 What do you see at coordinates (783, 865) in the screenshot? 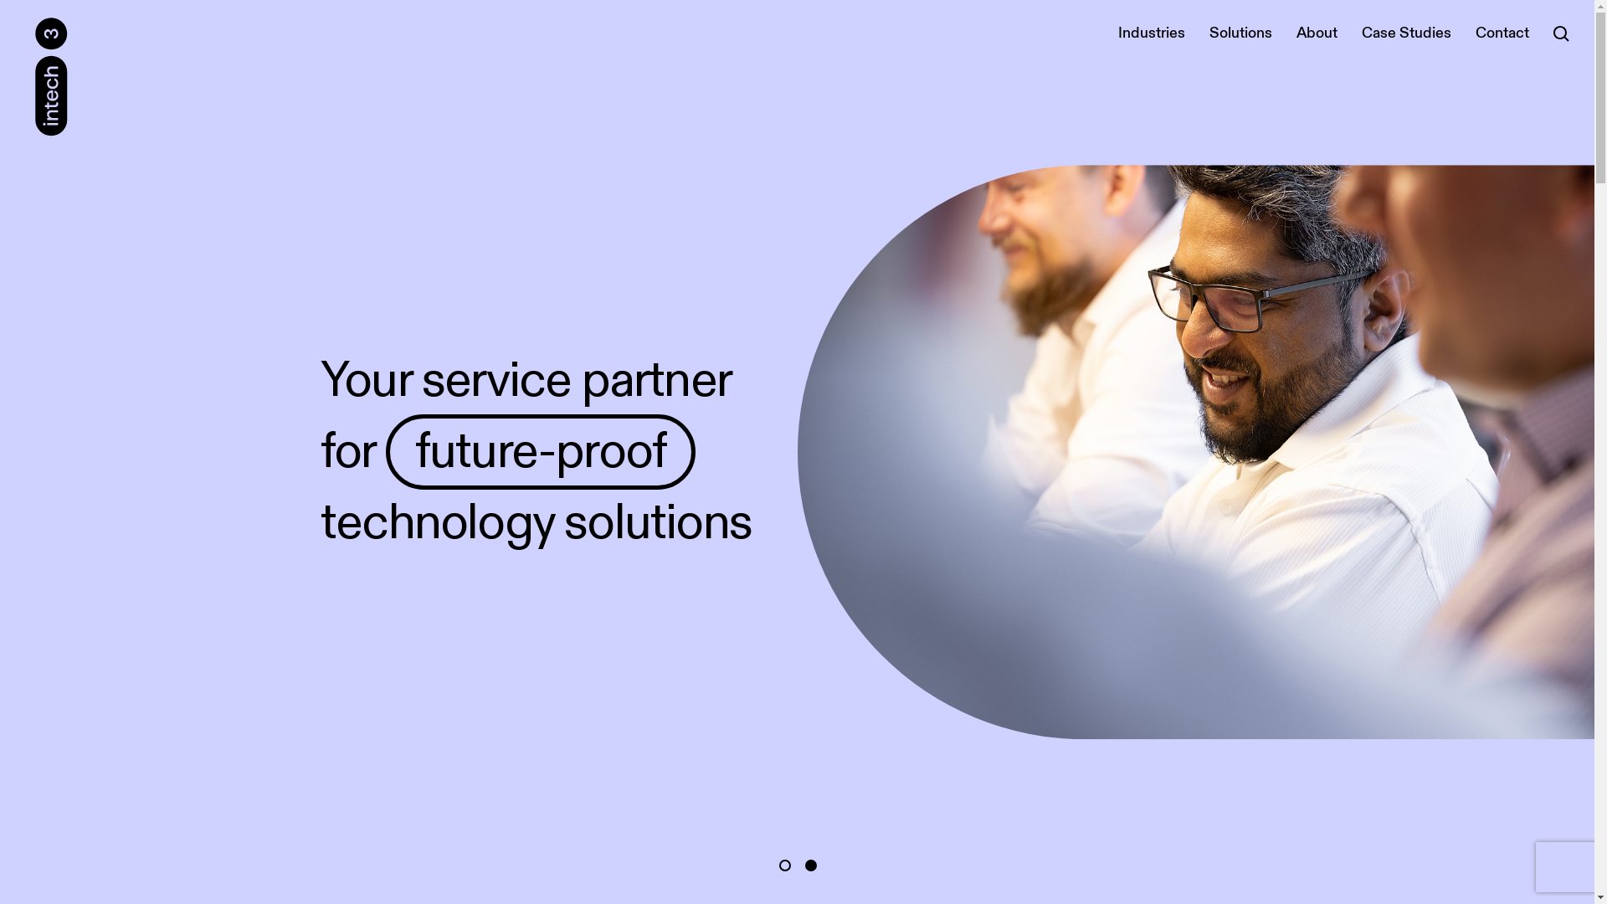
I see `'1'` at bounding box center [783, 865].